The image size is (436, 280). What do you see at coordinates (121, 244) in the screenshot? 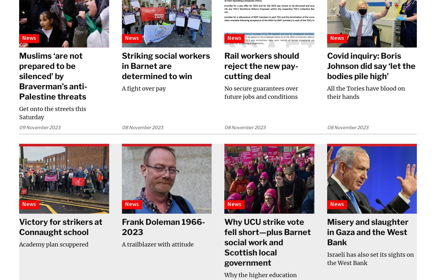
I see `'A trailblazer with attitude'` at bounding box center [121, 244].